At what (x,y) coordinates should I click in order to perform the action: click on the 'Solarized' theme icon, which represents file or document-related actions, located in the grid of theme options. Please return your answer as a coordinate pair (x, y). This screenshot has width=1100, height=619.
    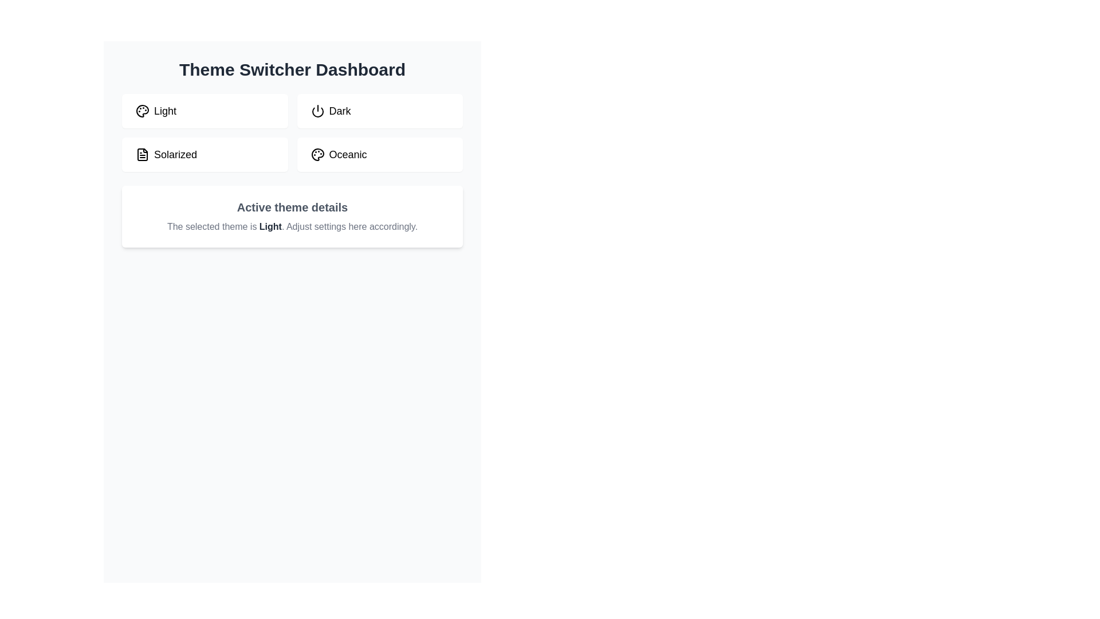
    Looking at the image, I should click on (142, 155).